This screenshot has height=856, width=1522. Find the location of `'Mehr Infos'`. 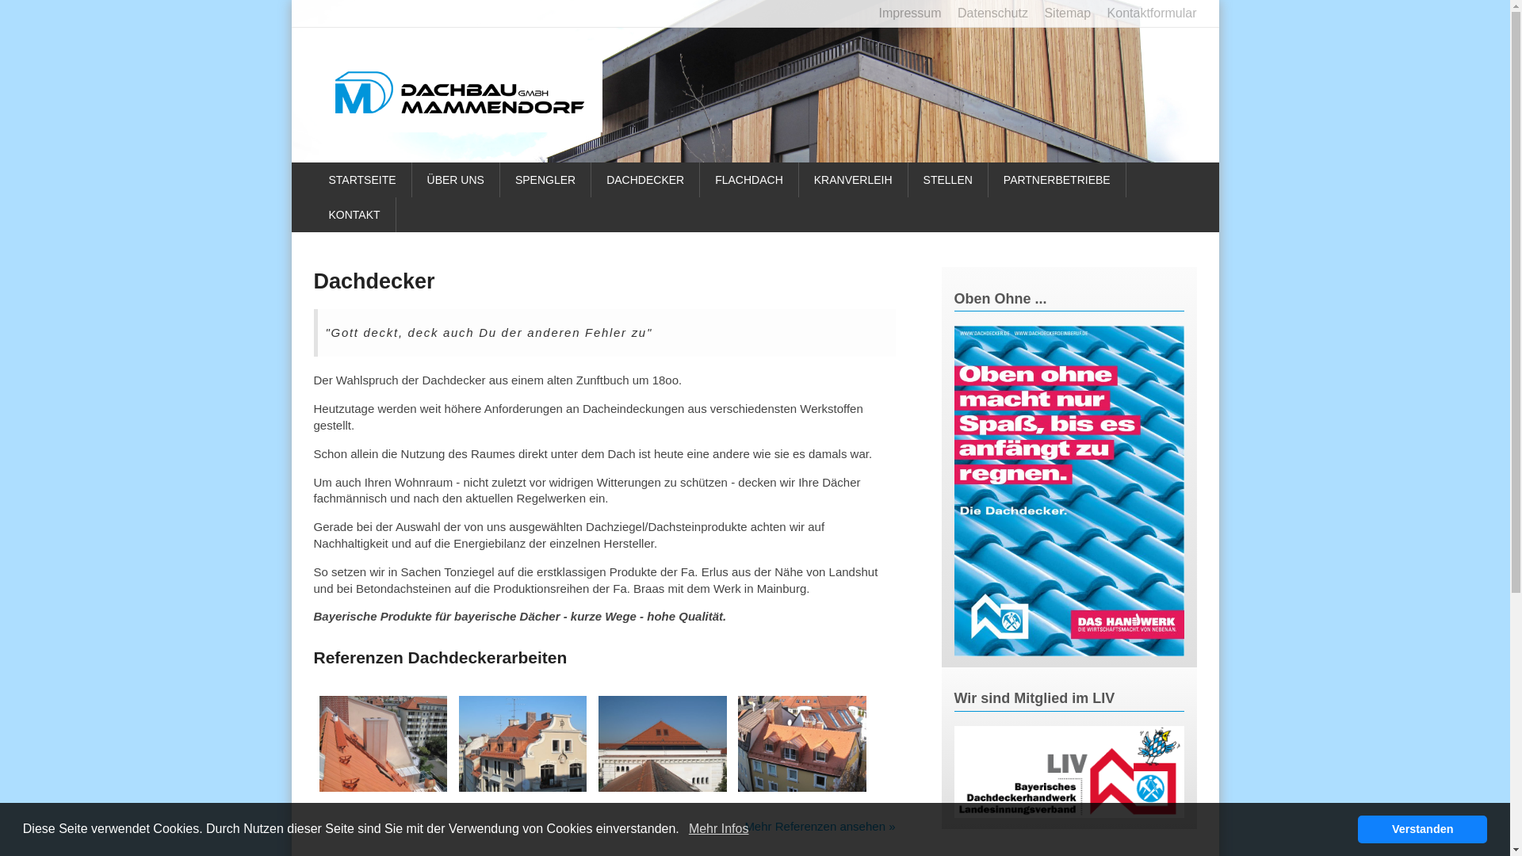

'Mehr Infos' is located at coordinates (718, 827).